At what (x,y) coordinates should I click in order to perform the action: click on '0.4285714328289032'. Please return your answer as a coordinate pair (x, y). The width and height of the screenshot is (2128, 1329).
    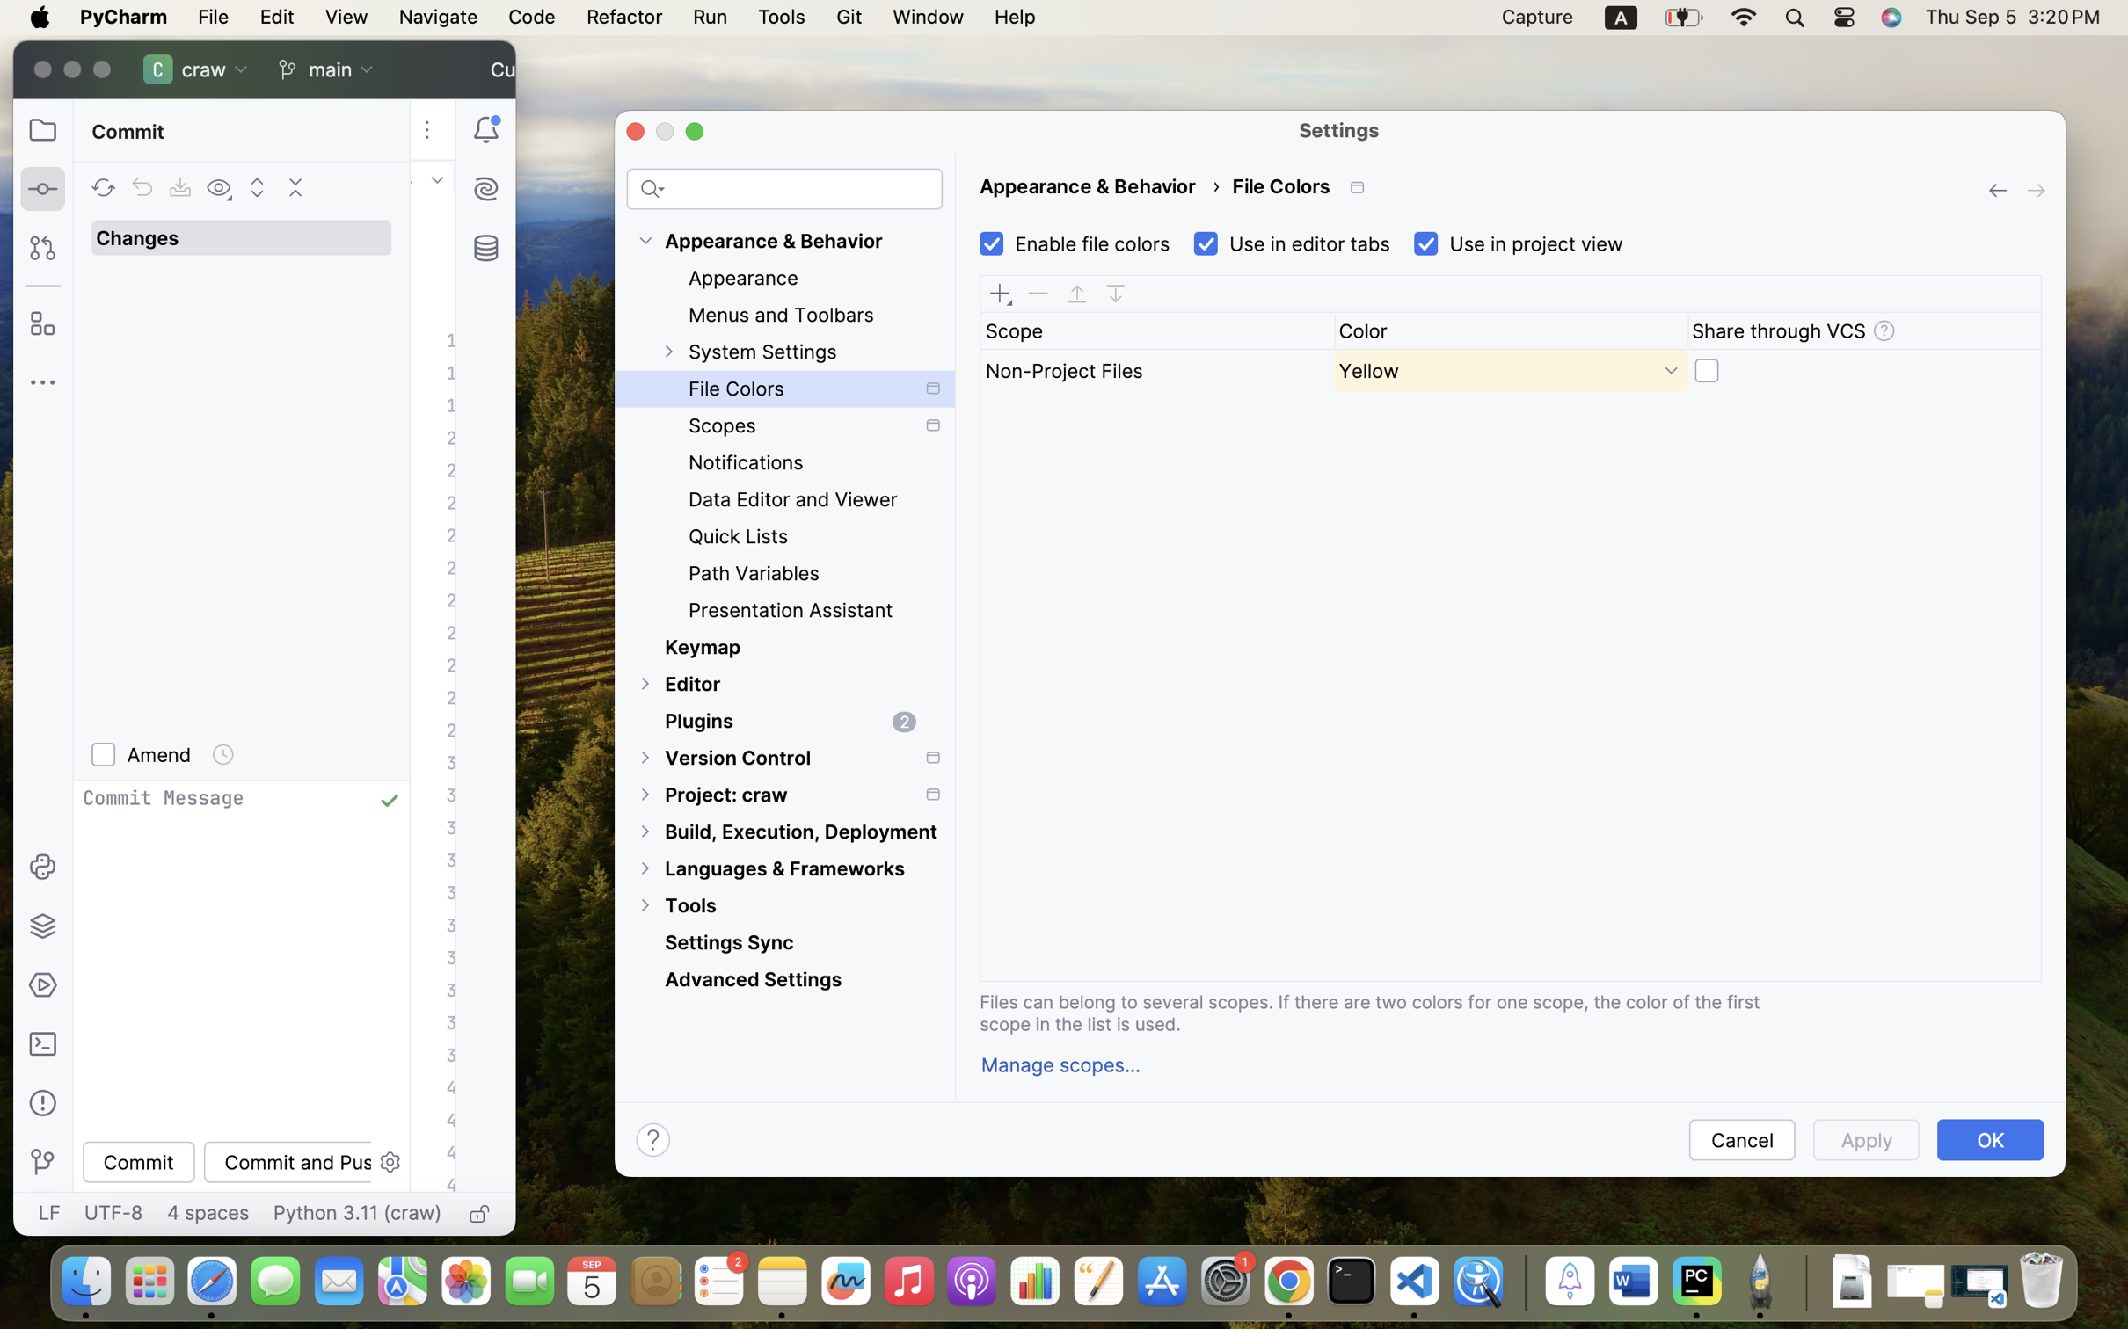
    Looking at the image, I should click on (1521, 1282).